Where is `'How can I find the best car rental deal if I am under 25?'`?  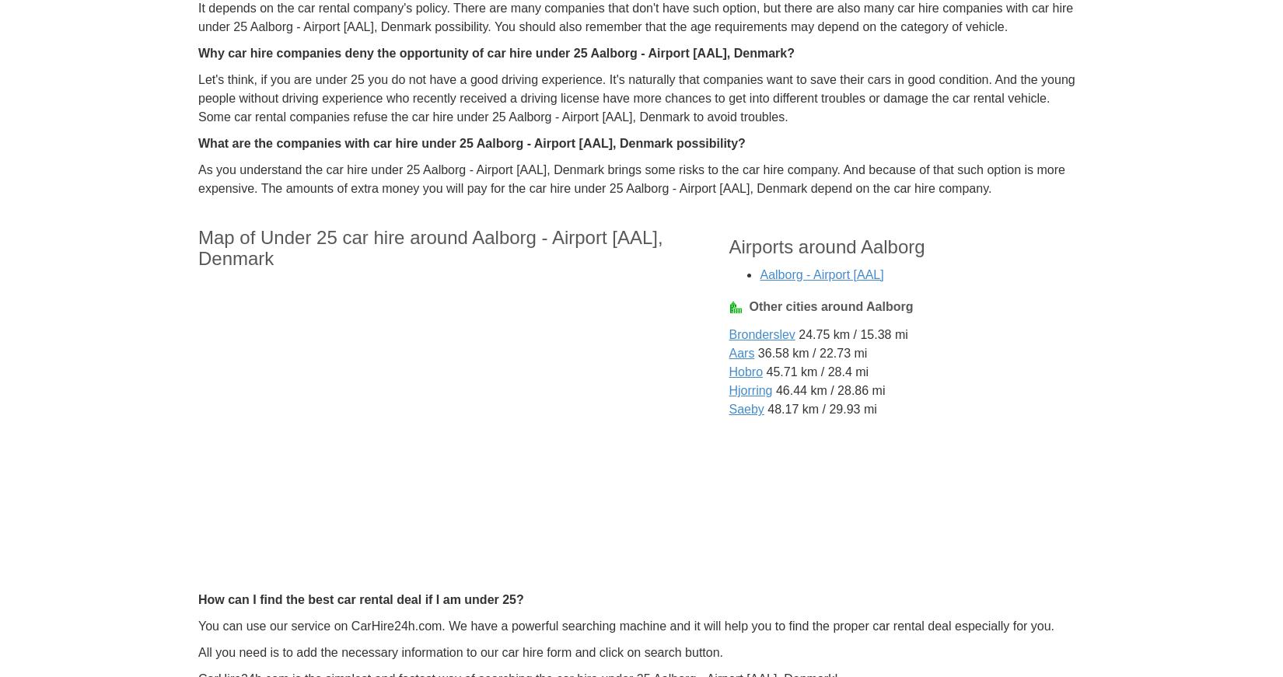 'How can I find the best car rental deal if I am under 25?' is located at coordinates (359, 598).